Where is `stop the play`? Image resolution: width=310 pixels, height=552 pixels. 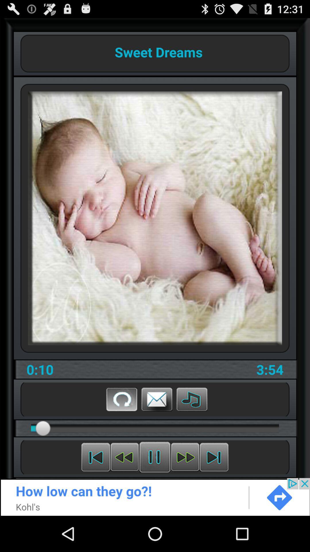
stop the play is located at coordinates (154, 457).